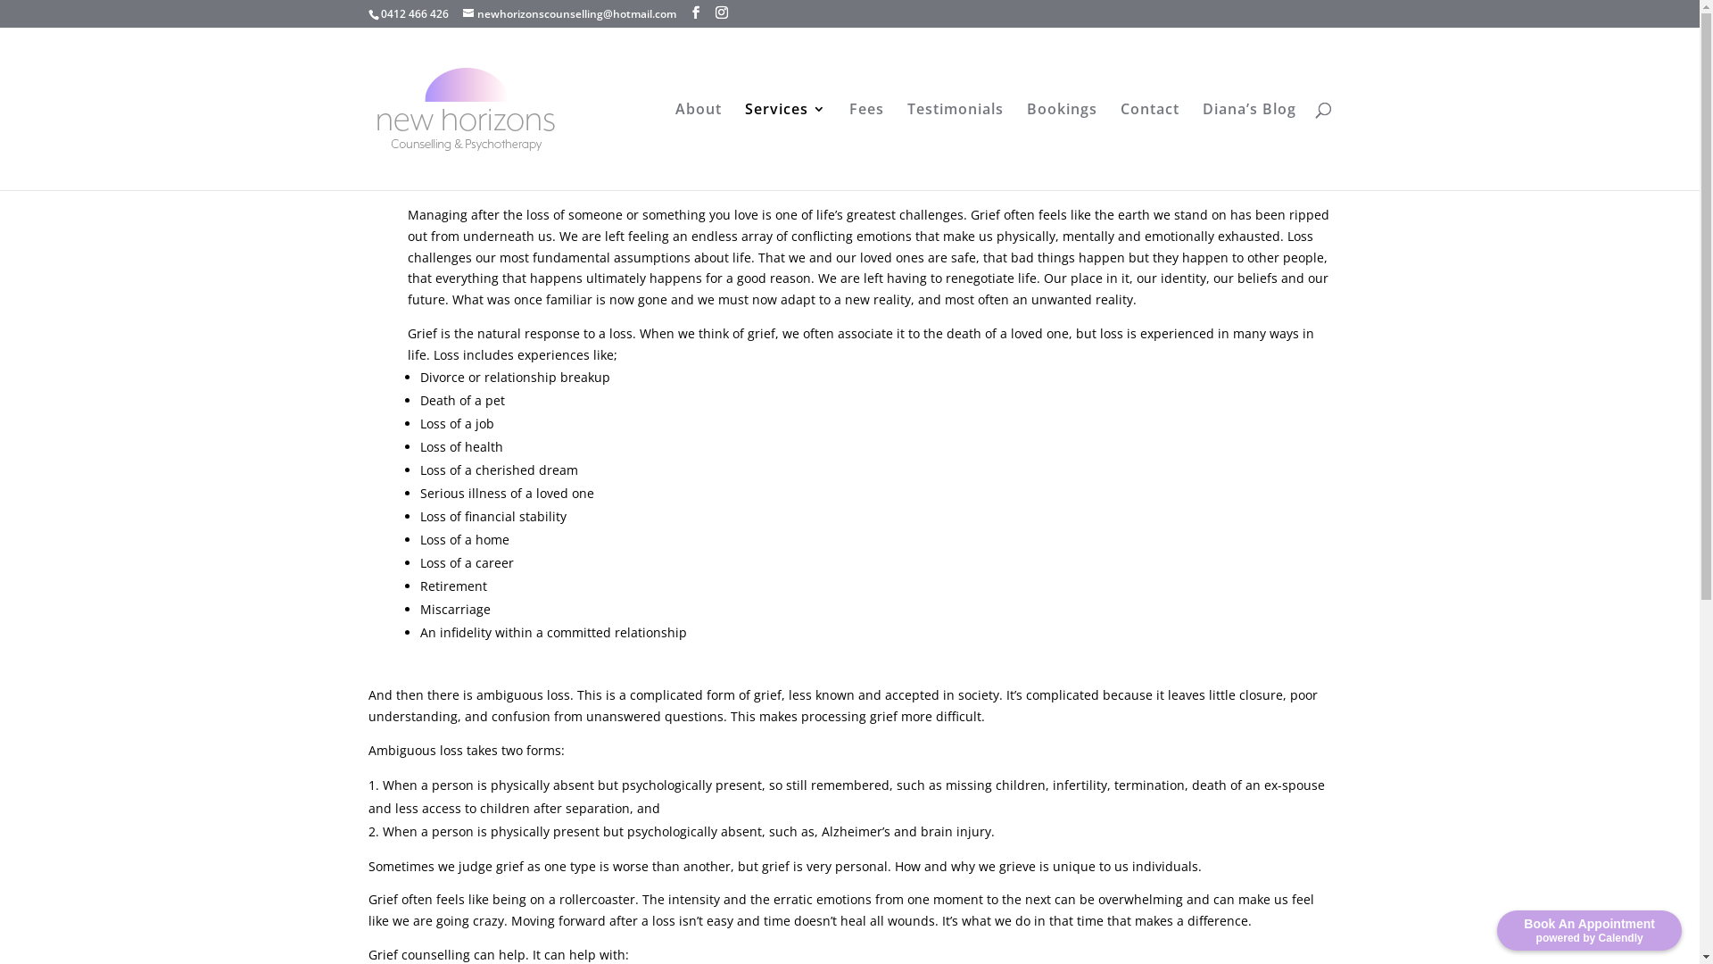  Describe the element at coordinates (567, 13) in the screenshot. I see `'newhorizonscounselling@hotmail.com'` at that location.